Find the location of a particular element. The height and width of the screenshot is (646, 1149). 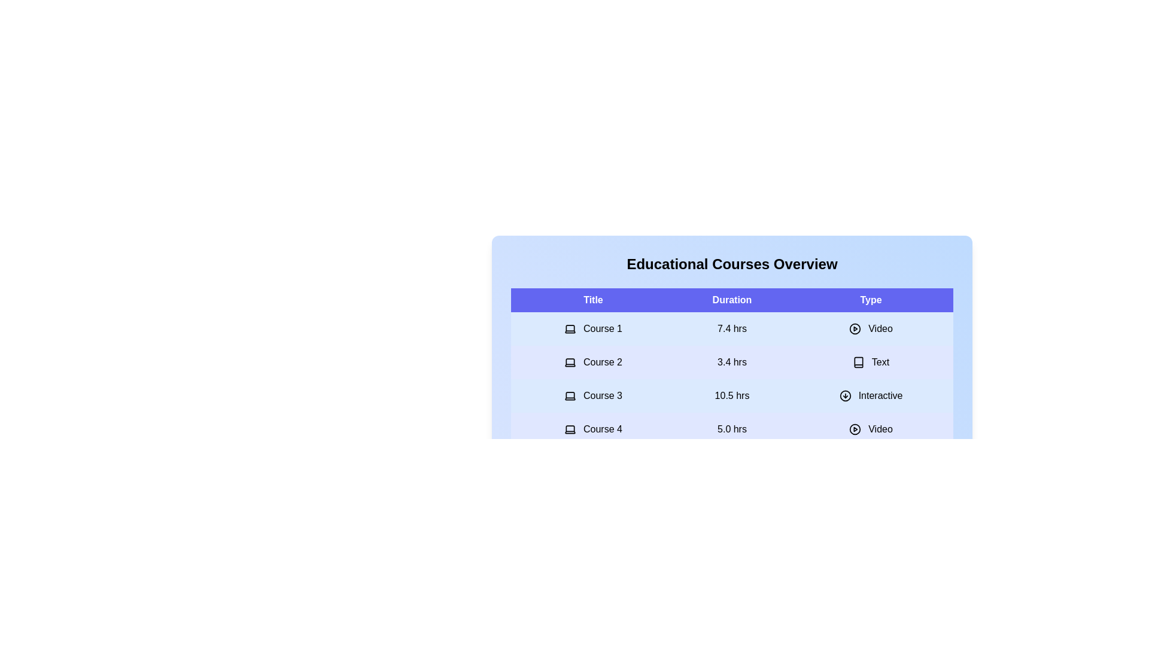

the row corresponding to the course title Course 2 is located at coordinates (592, 361).